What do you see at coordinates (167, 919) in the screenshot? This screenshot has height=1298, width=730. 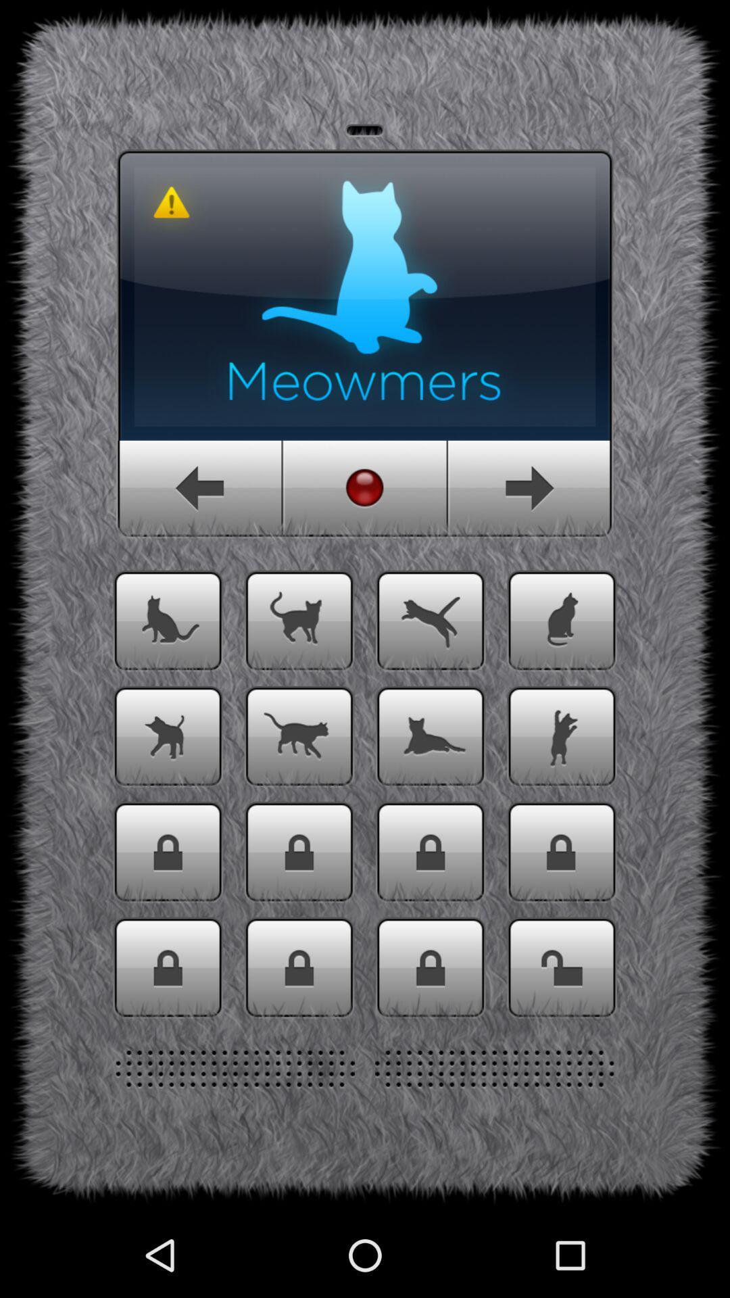 I see `the lock icon` at bounding box center [167, 919].